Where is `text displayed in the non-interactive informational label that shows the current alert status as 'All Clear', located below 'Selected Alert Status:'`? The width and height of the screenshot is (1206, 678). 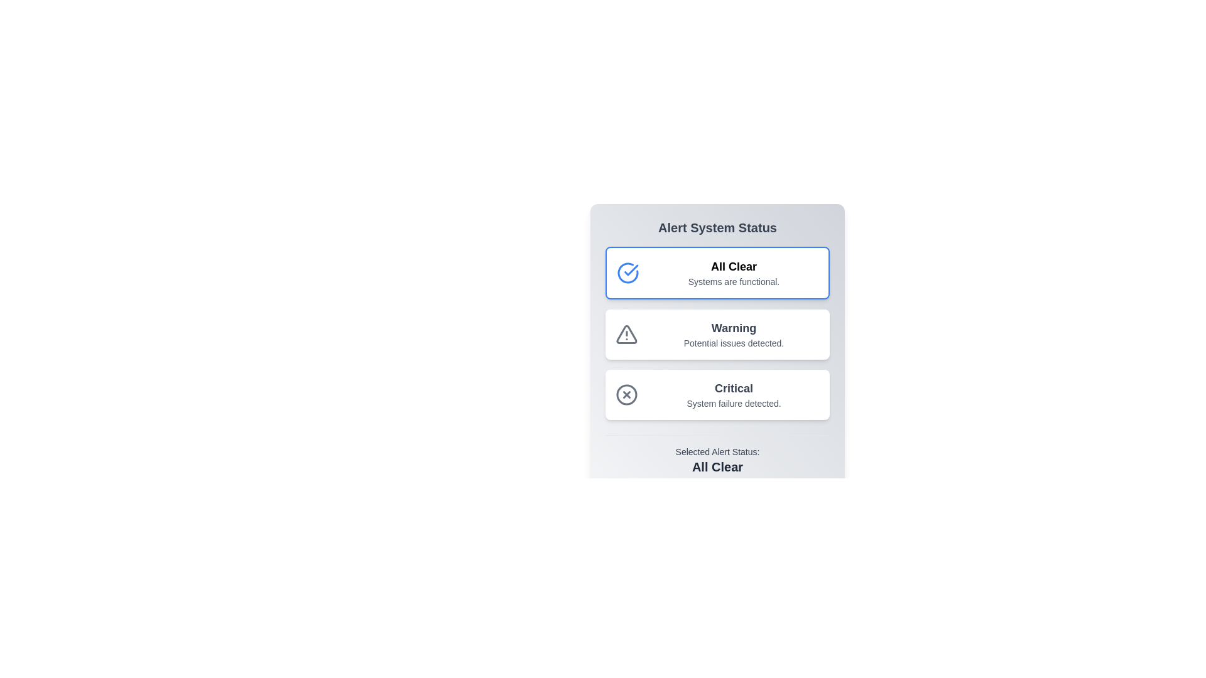 text displayed in the non-interactive informational label that shows the current alert status as 'All Clear', located below 'Selected Alert Status:' is located at coordinates (717, 467).